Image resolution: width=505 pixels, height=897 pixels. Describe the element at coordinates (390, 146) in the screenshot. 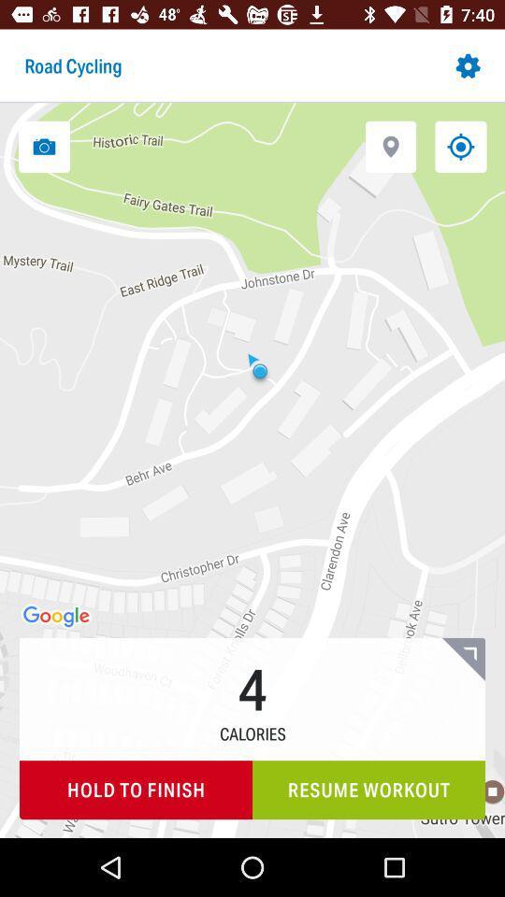

I see `the location icon` at that location.